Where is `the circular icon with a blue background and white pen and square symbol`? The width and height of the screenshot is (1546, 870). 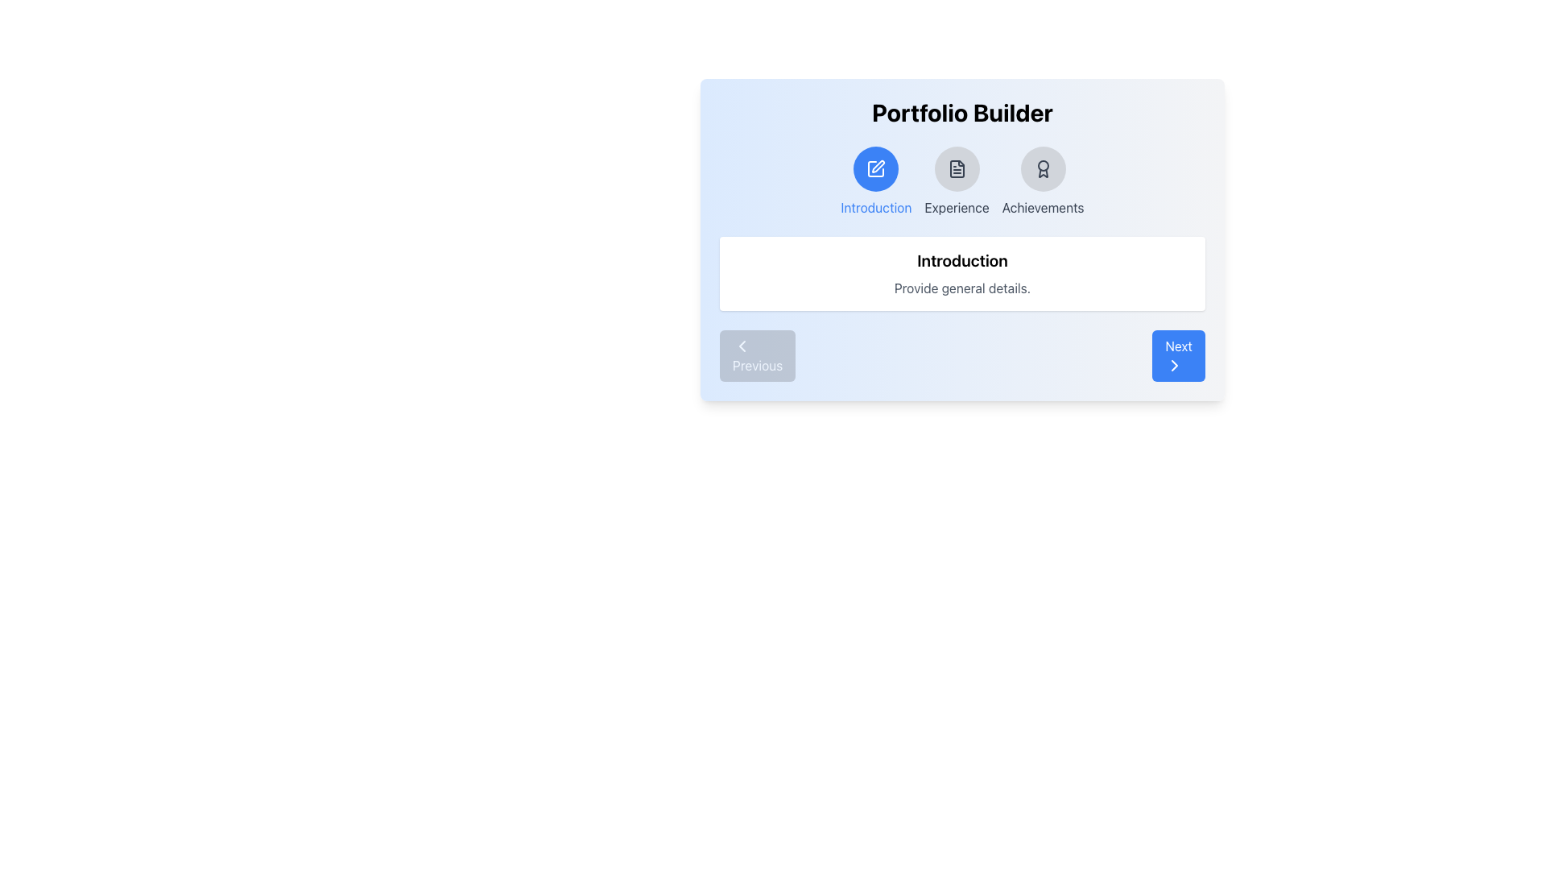 the circular icon with a blue background and white pen and square symbol is located at coordinates (875, 168).